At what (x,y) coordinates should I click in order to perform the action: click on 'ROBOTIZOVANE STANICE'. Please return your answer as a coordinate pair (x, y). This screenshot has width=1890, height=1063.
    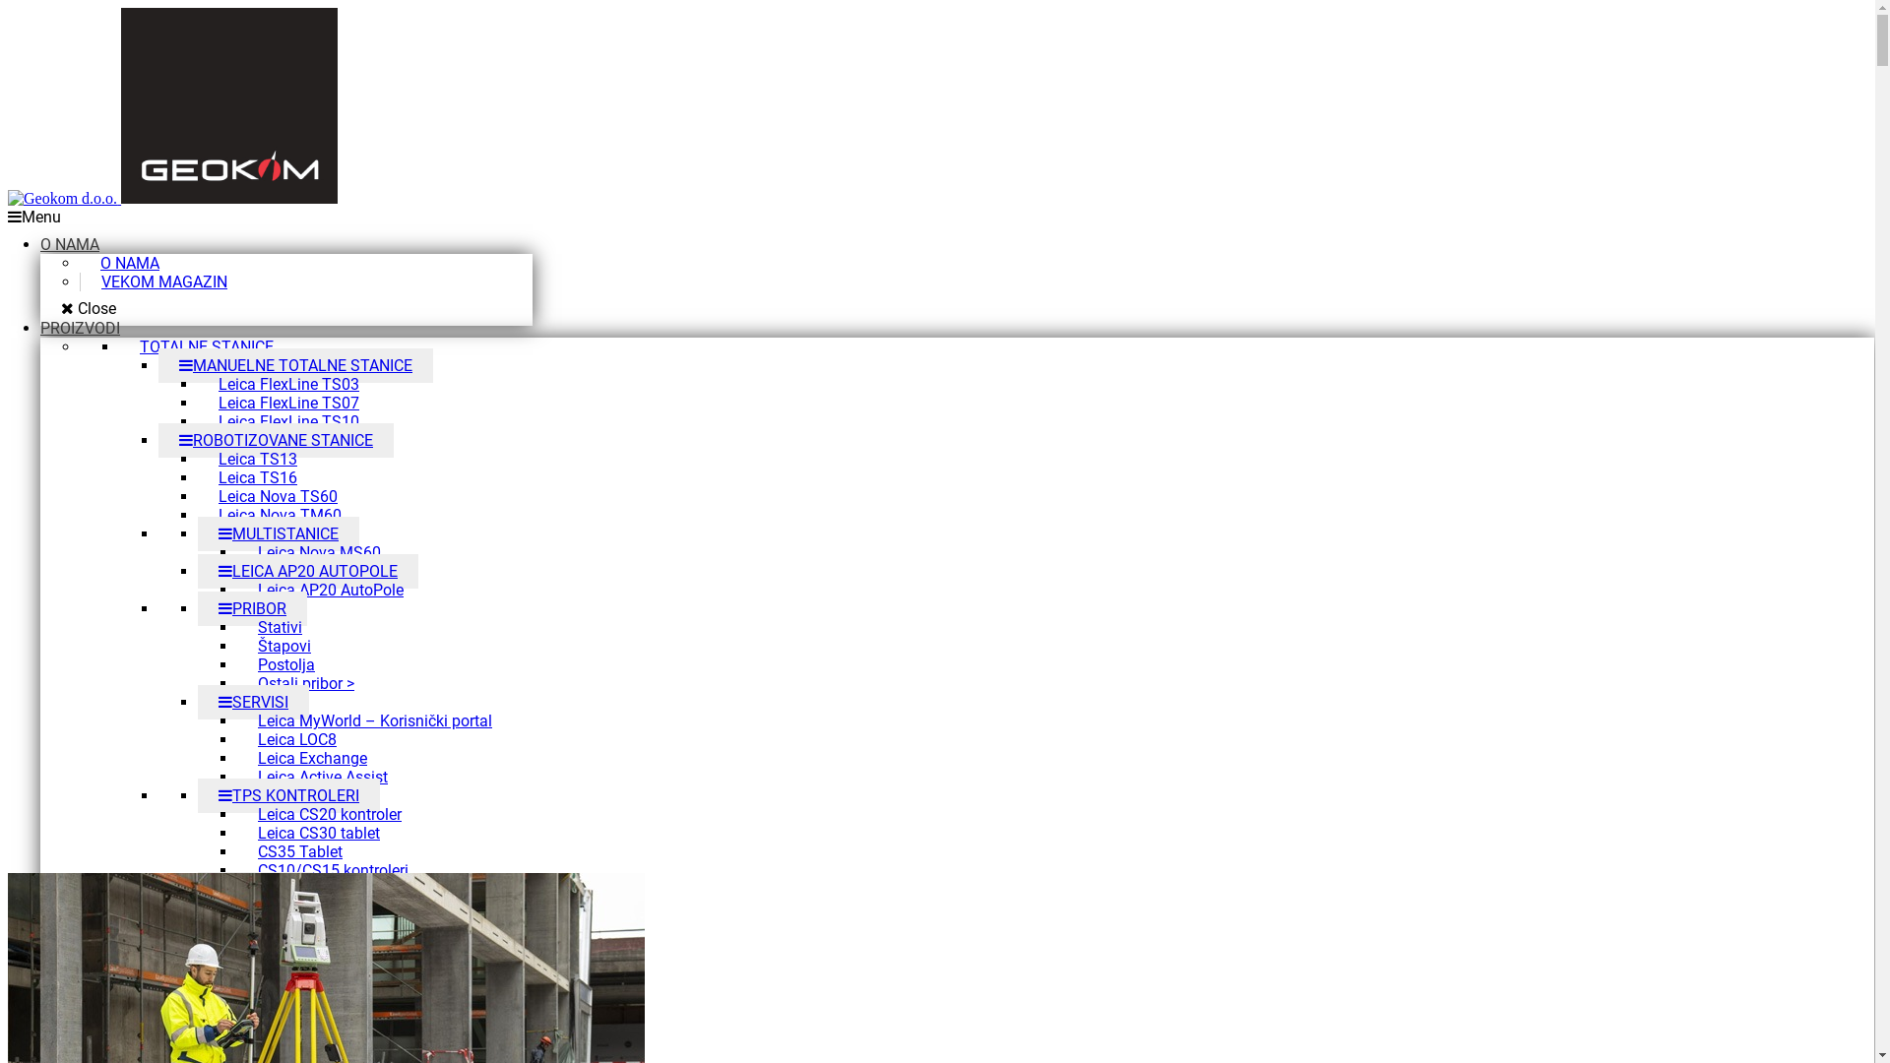
    Looking at the image, I should click on (275, 439).